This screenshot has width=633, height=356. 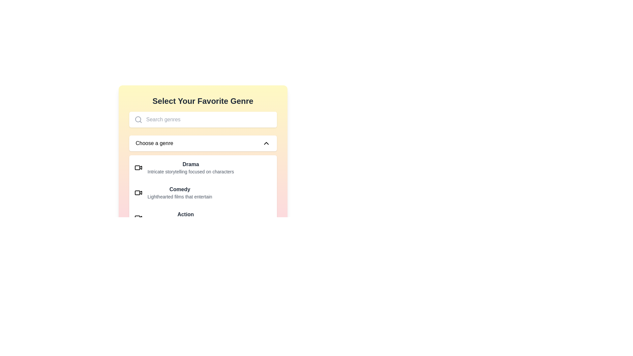 What do you see at coordinates (202, 167) in the screenshot?
I see `the list item labeled 'Drama'` at bounding box center [202, 167].